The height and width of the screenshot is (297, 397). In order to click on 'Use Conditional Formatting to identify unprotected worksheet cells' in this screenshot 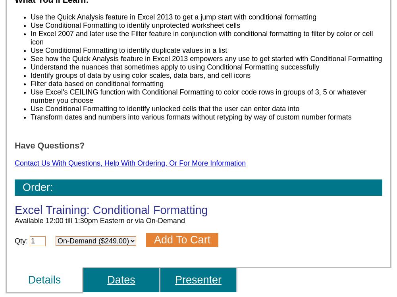, I will do `click(135, 25)`.